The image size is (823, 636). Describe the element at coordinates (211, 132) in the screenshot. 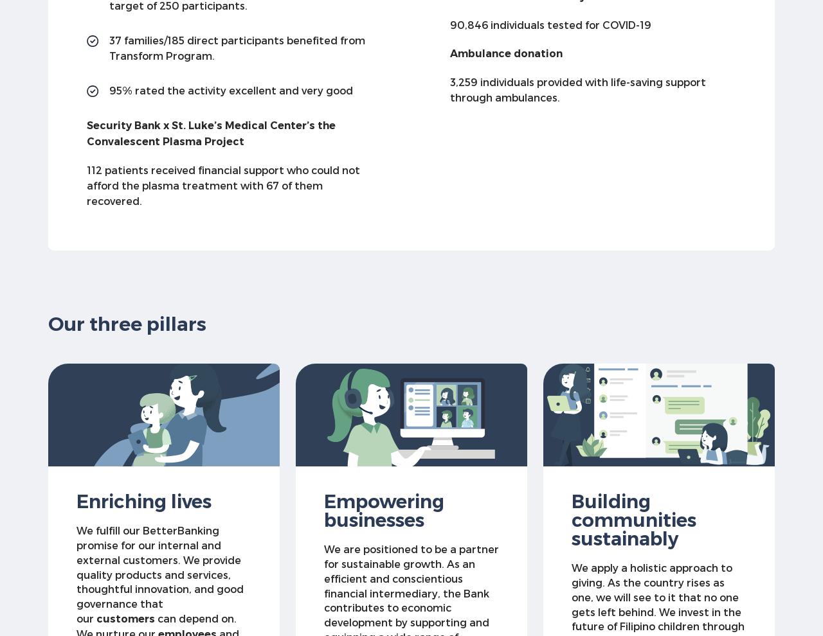

I see `'Security Bank x St. Luke’s Medical Center’s the Convalescent Plasma Project'` at that location.